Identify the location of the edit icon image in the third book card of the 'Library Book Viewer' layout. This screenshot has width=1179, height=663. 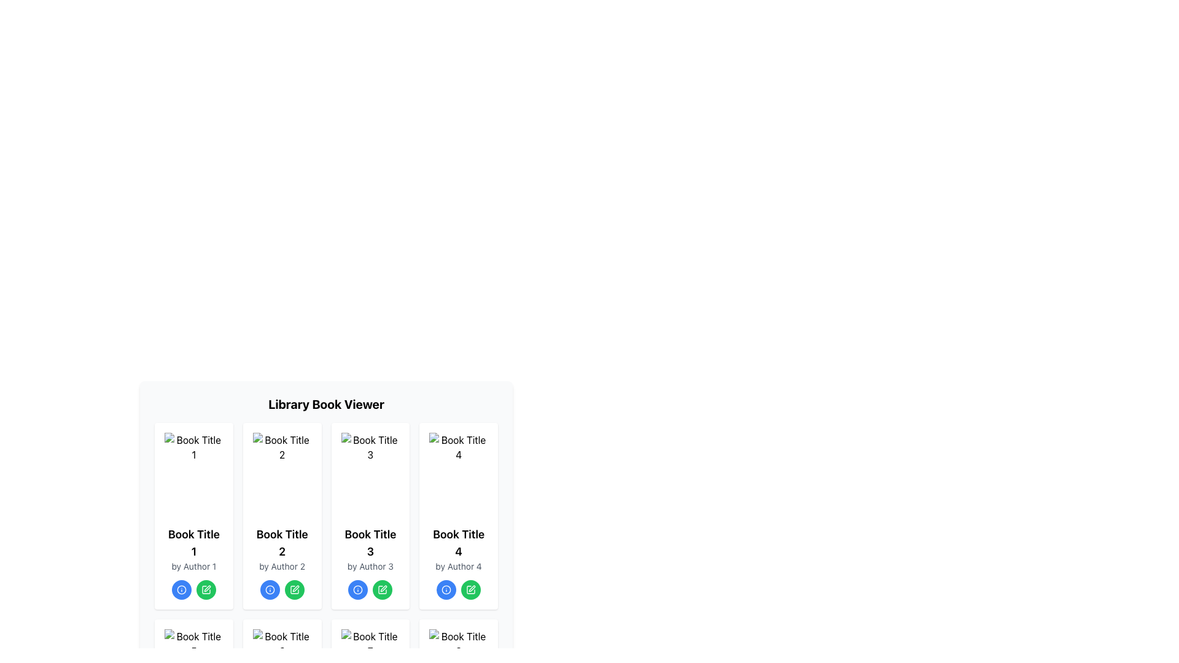
(294, 589).